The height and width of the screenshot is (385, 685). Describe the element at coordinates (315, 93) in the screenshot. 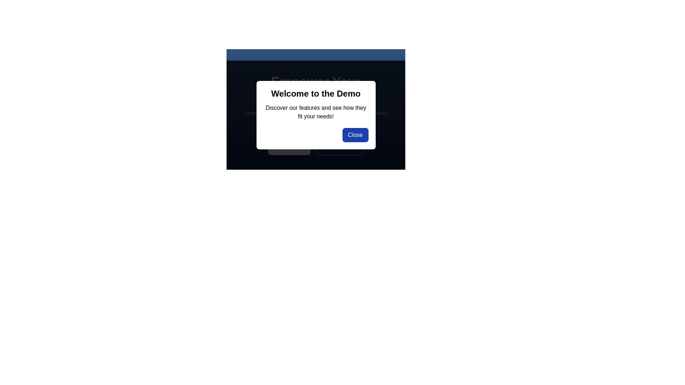

I see `the static text element that displays 'Welcome to the Demo', which is the main heading of the dialog box` at that location.